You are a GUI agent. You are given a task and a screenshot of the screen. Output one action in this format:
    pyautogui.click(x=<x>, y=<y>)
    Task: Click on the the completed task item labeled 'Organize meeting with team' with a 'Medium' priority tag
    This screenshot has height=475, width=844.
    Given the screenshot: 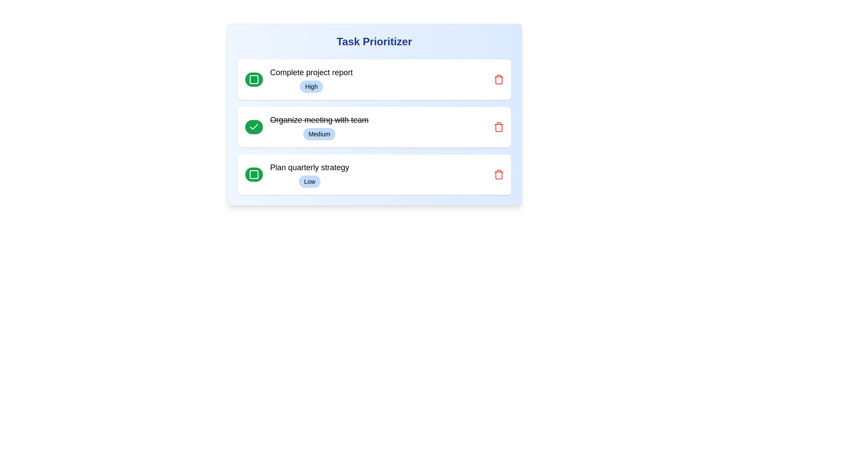 What is the action you would take?
    pyautogui.click(x=319, y=127)
    